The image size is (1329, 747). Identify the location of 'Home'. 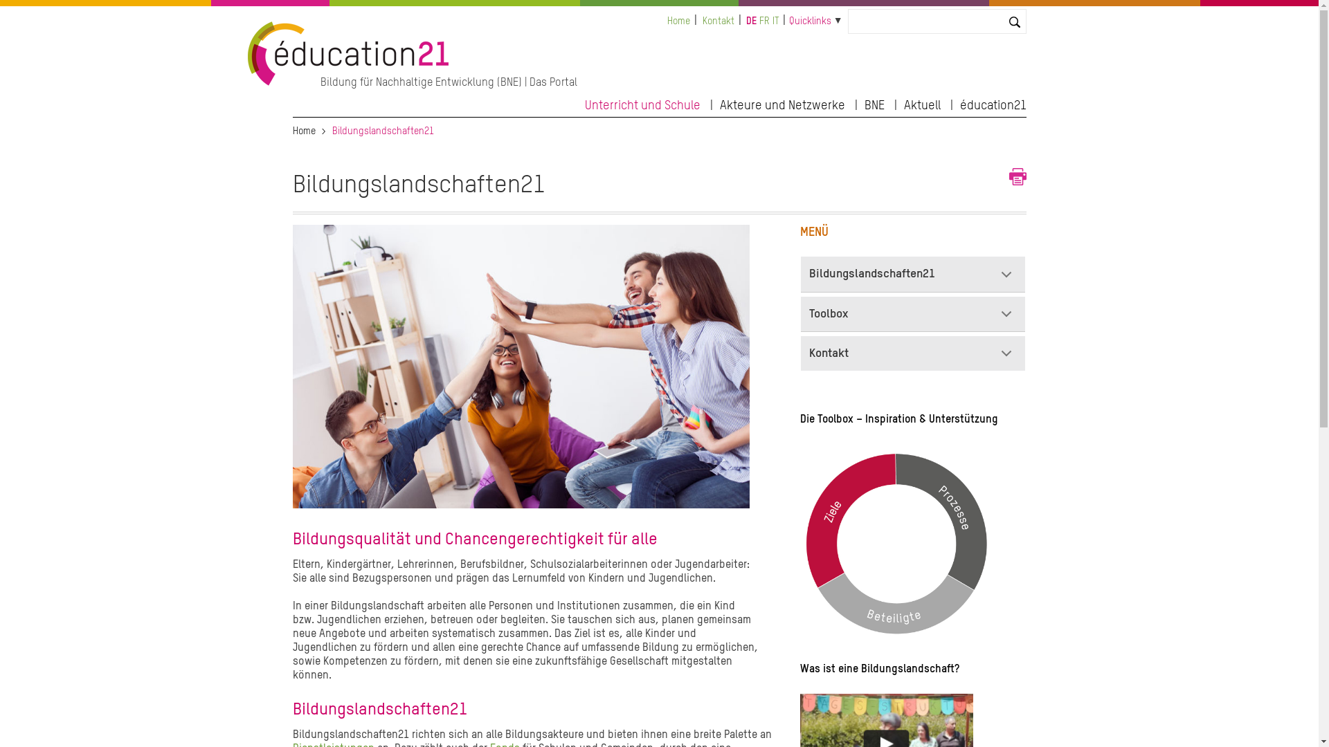
(678, 21).